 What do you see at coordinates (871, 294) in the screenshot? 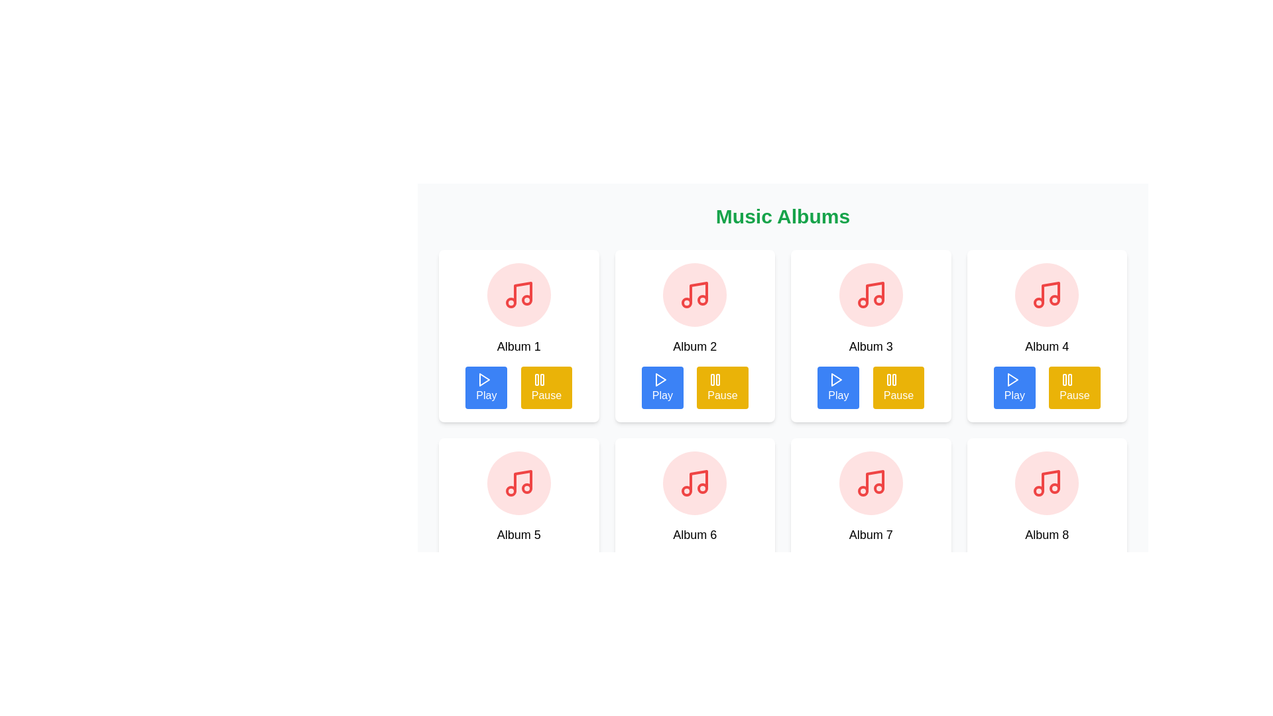
I see `the music album icon representing 'Album 3', which is centrally located in its tile above the text 'Album 3'` at bounding box center [871, 294].